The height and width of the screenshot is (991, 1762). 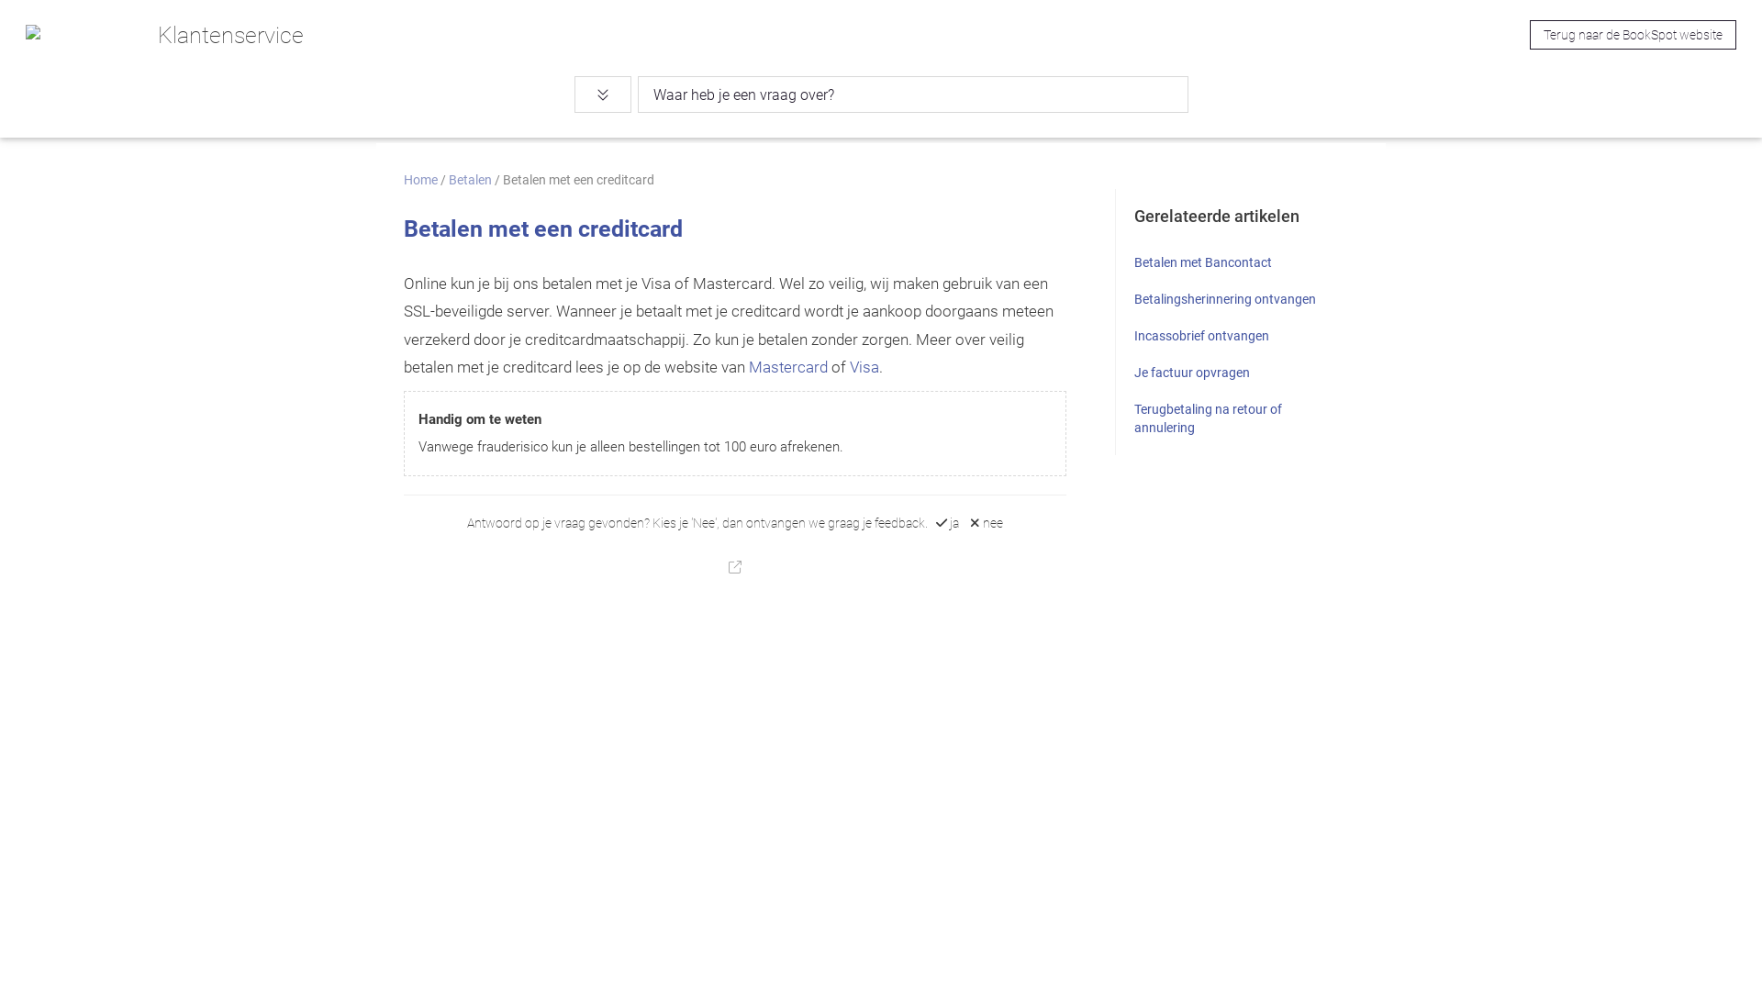 I want to click on 'Incassobrief ontvangen', so click(x=1201, y=336).